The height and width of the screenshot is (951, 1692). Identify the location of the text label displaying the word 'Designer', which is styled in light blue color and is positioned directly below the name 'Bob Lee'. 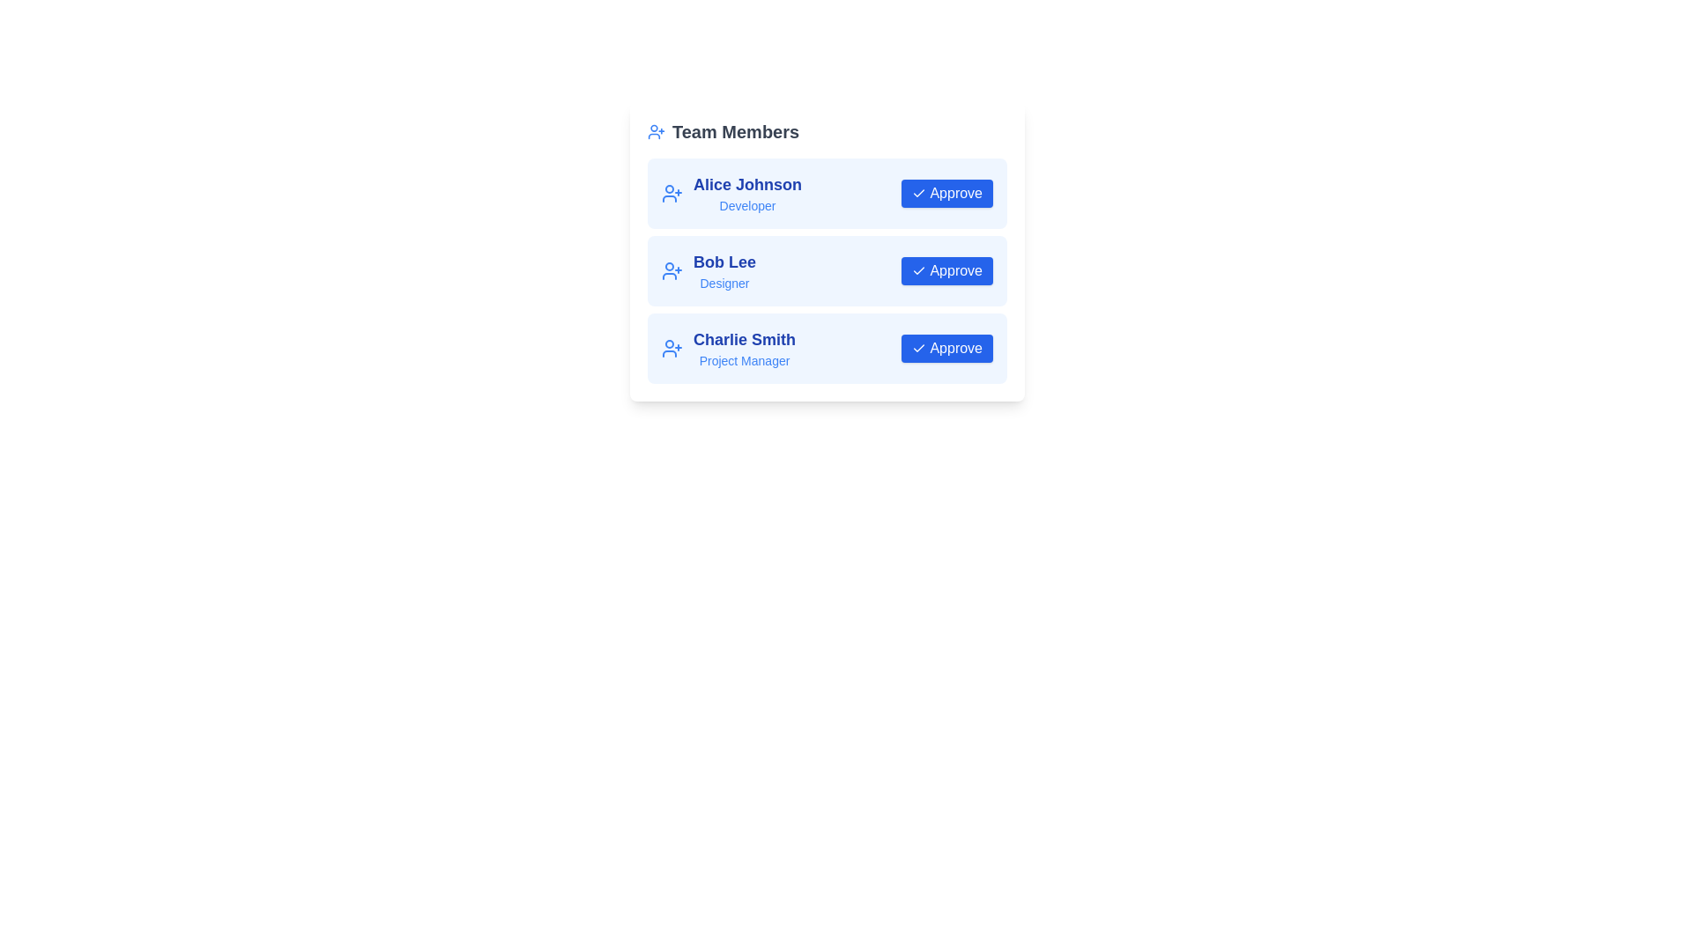
(724, 282).